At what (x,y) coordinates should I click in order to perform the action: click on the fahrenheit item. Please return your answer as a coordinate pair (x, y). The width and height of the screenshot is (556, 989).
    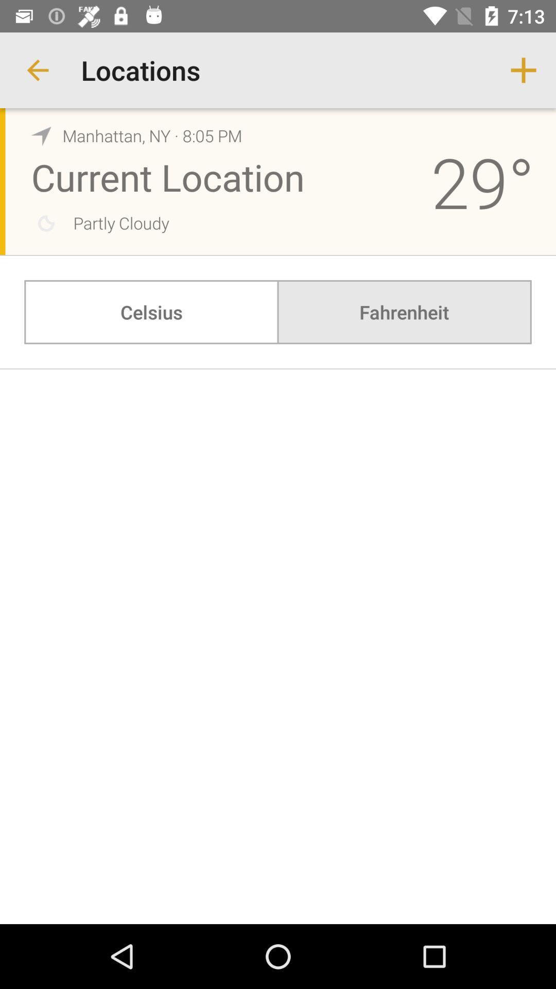
    Looking at the image, I should click on (404, 311).